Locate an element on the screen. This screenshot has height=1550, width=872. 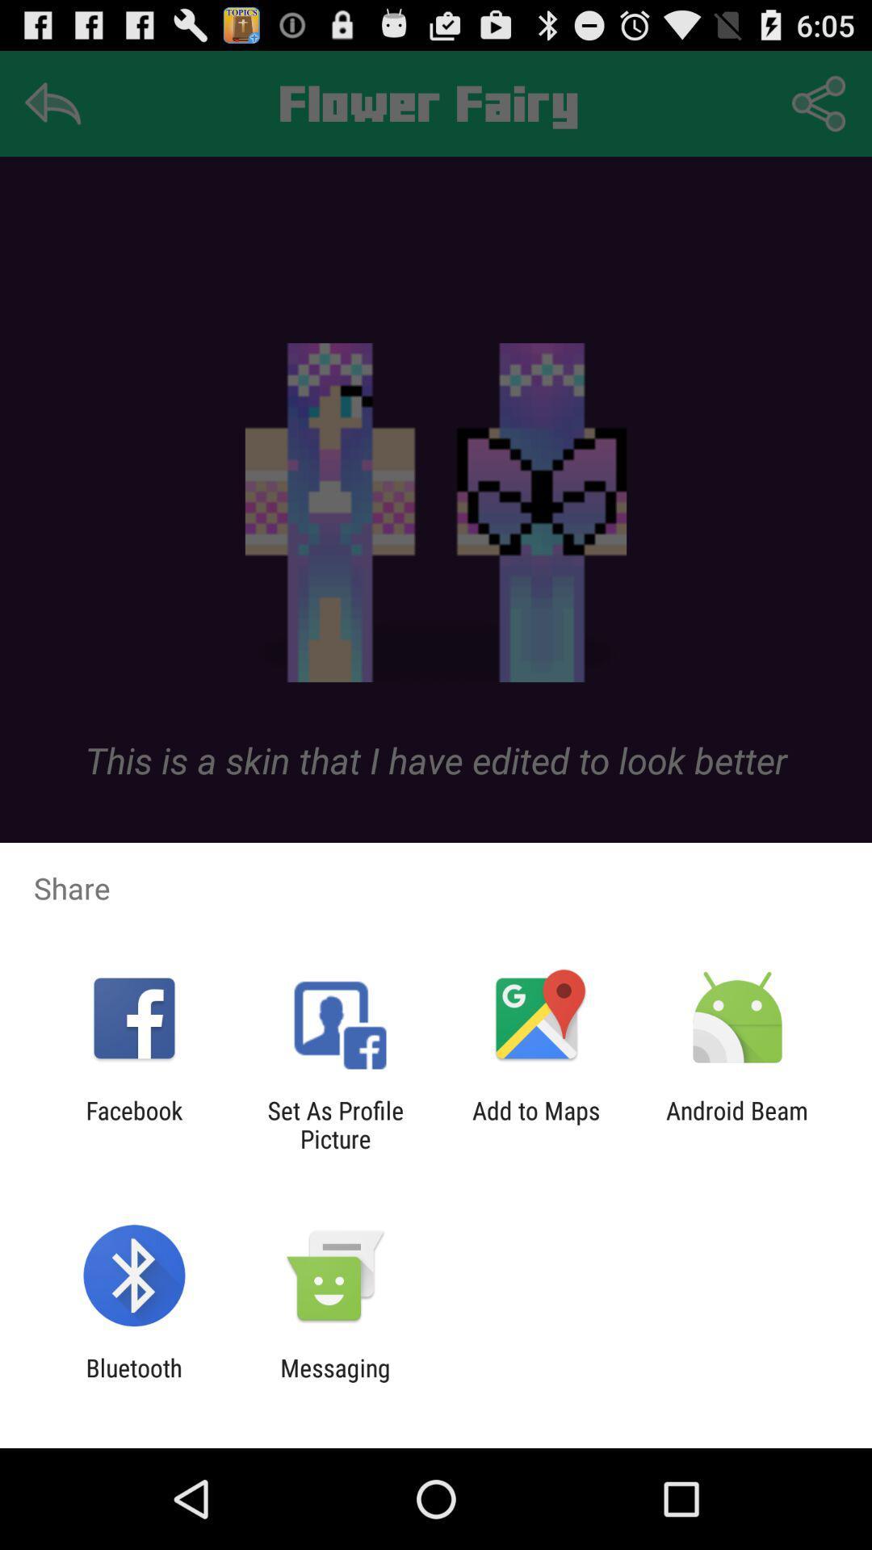
the bluetooth icon is located at coordinates (133, 1381).